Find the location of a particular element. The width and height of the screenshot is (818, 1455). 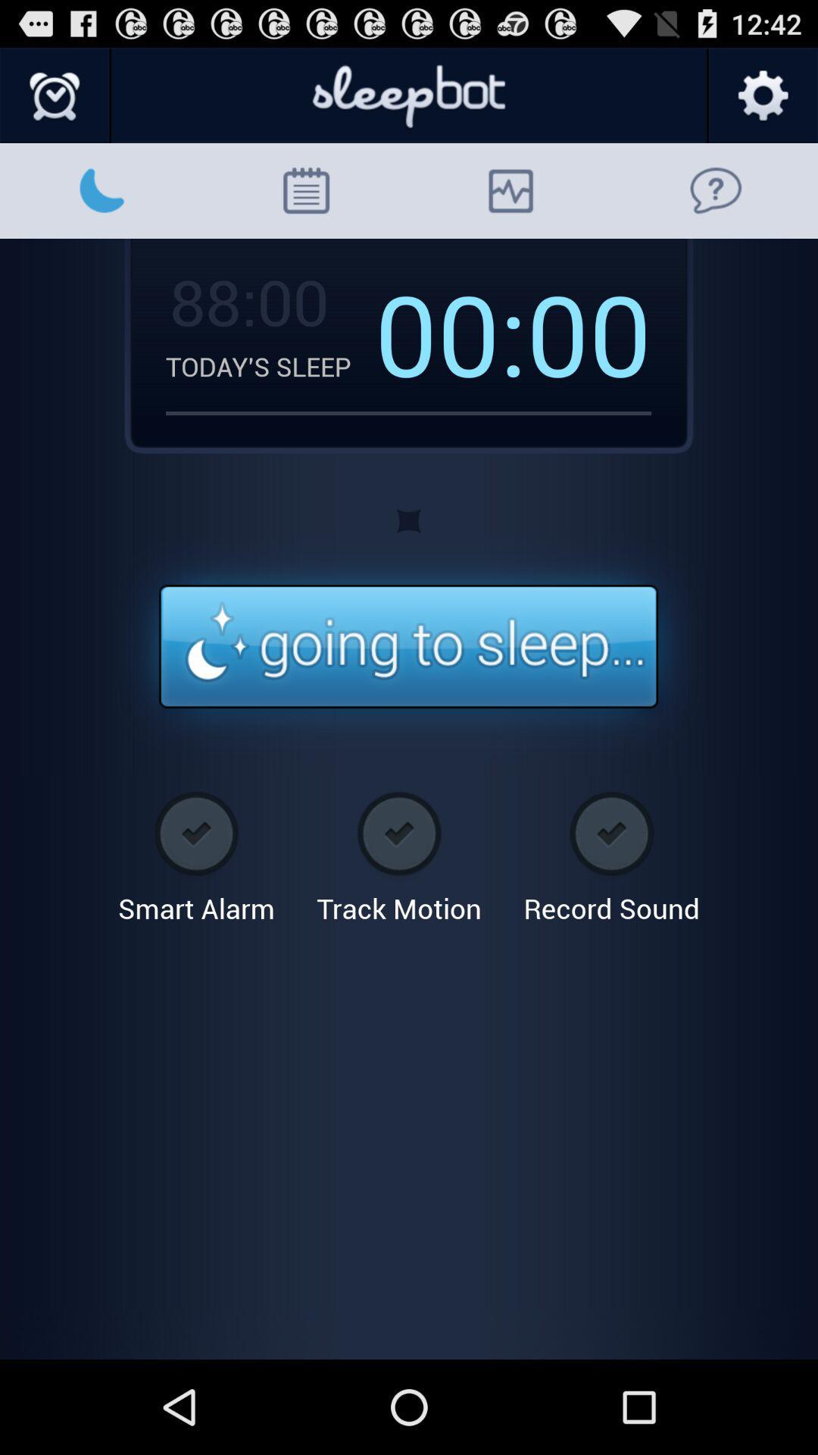

item above smart alarm app is located at coordinates (407, 647).